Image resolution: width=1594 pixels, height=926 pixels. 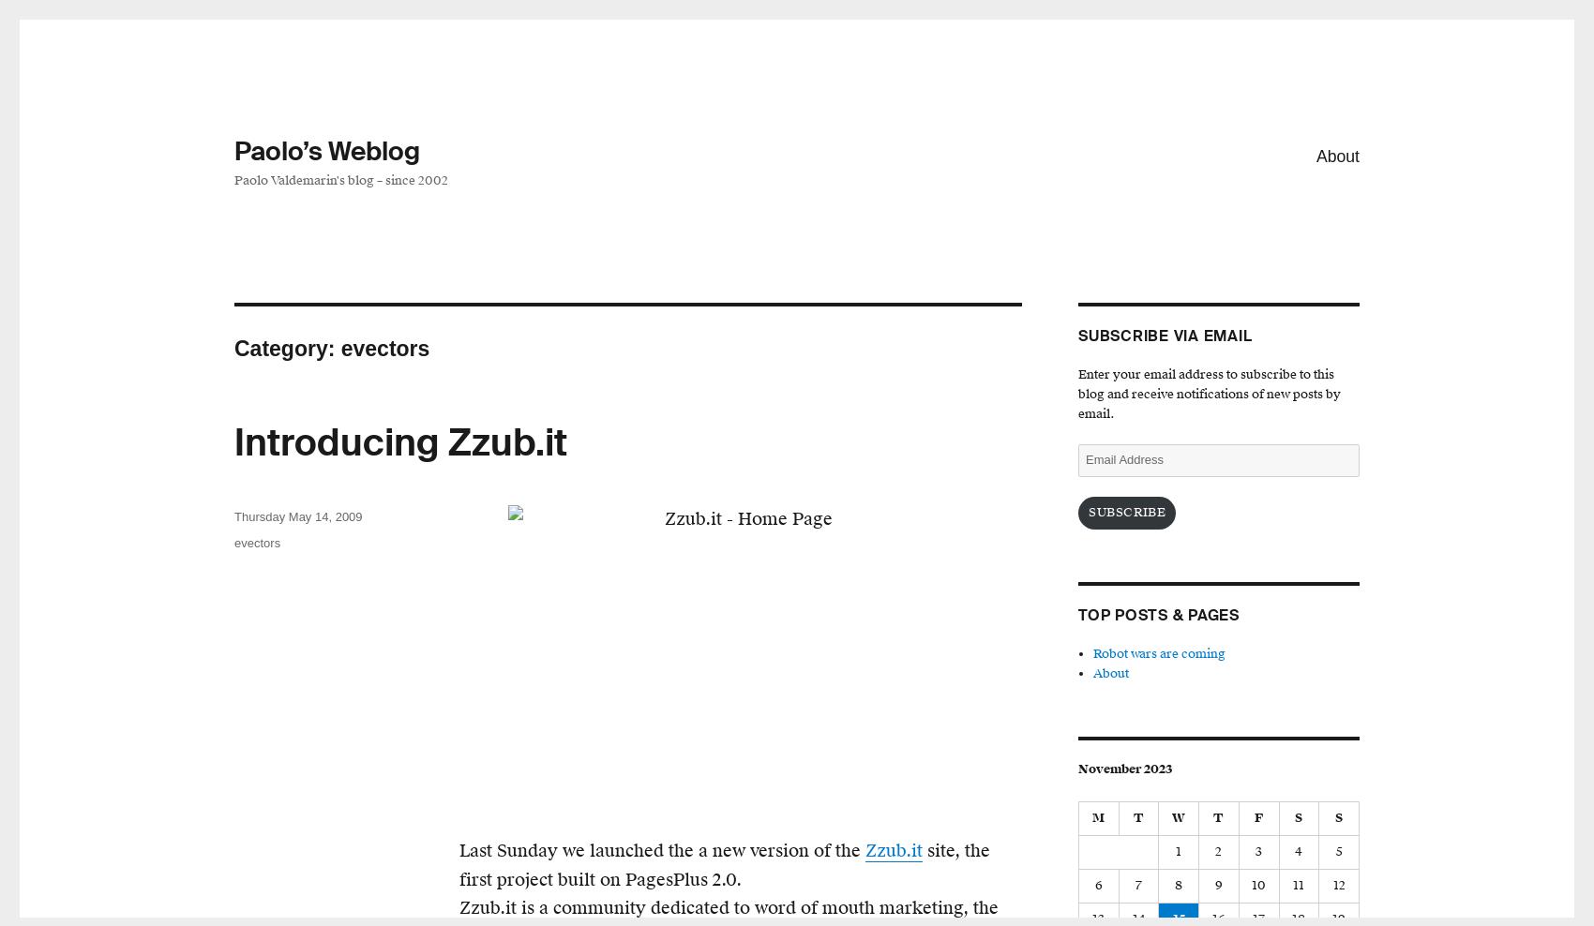 I want to click on 'Subscribe via Email', so click(x=1164, y=336).